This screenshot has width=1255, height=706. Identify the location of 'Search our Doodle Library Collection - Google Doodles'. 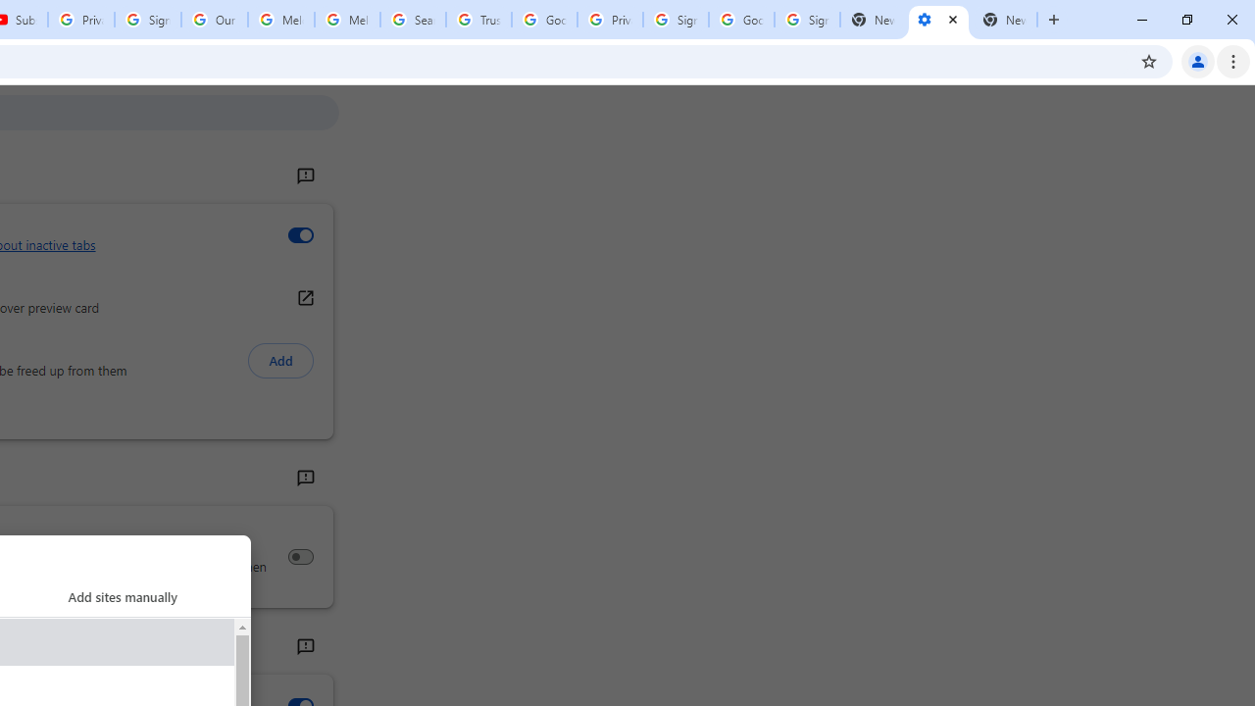
(412, 20).